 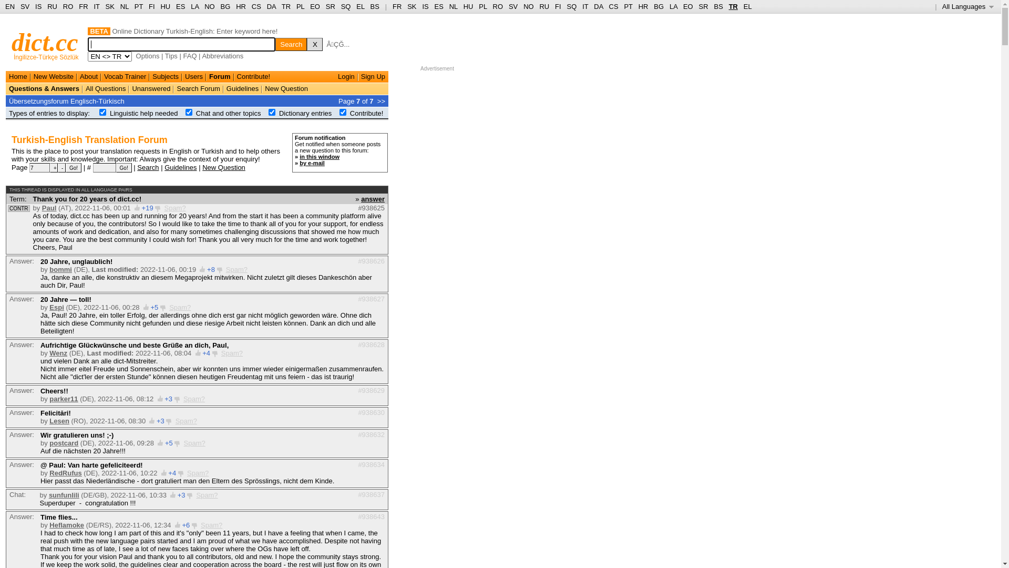 I want to click on 'CS', so click(x=613, y=6).